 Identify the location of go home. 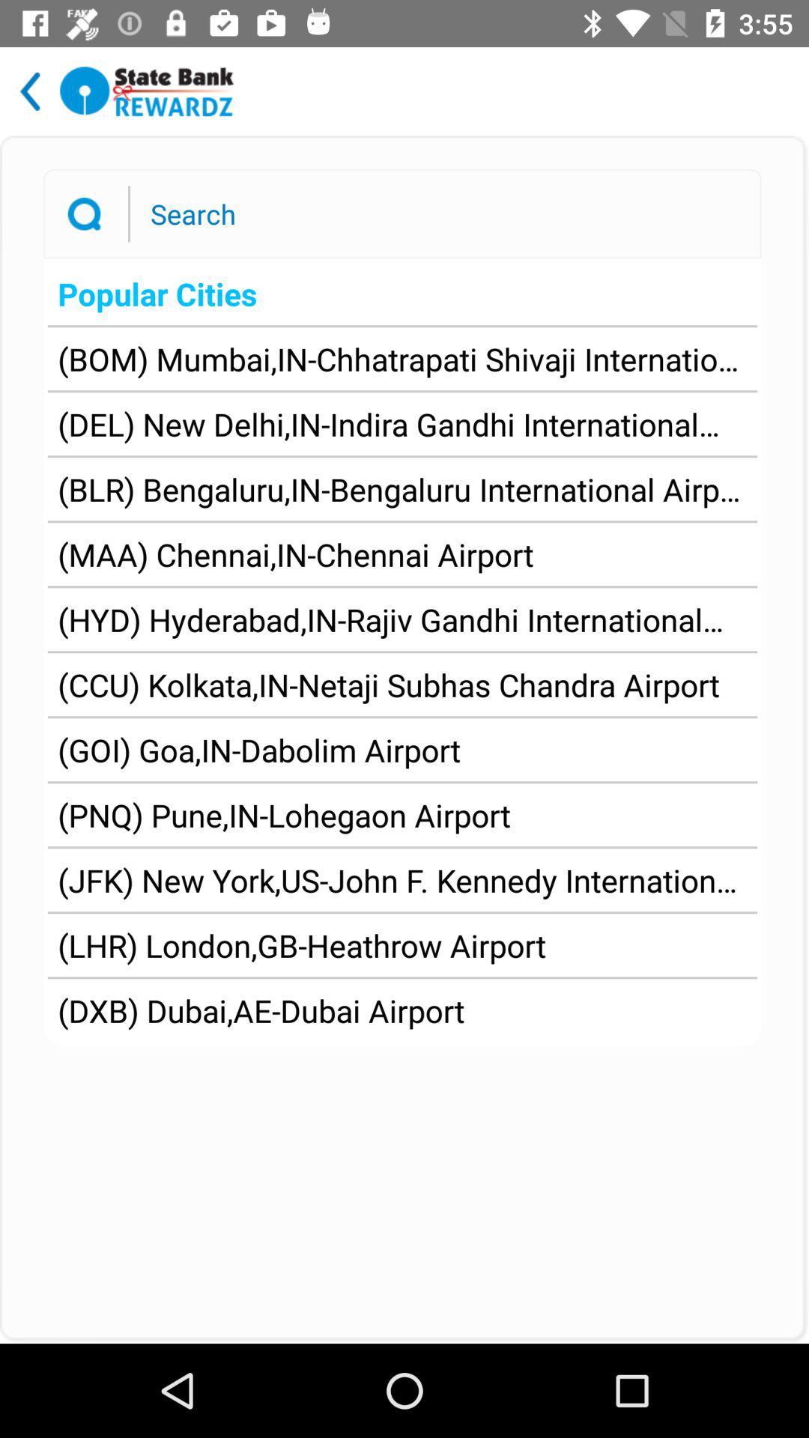
(147, 91).